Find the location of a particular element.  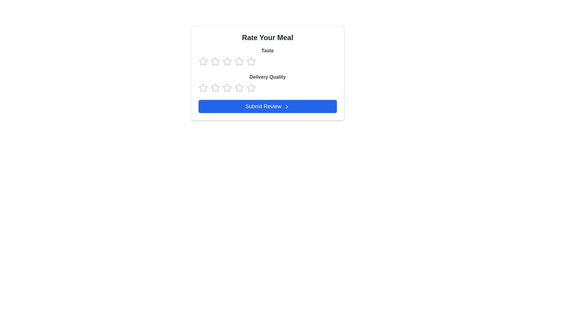

the first clickable rating star icon under the heading labeled 'Taste' is located at coordinates (203, 61).